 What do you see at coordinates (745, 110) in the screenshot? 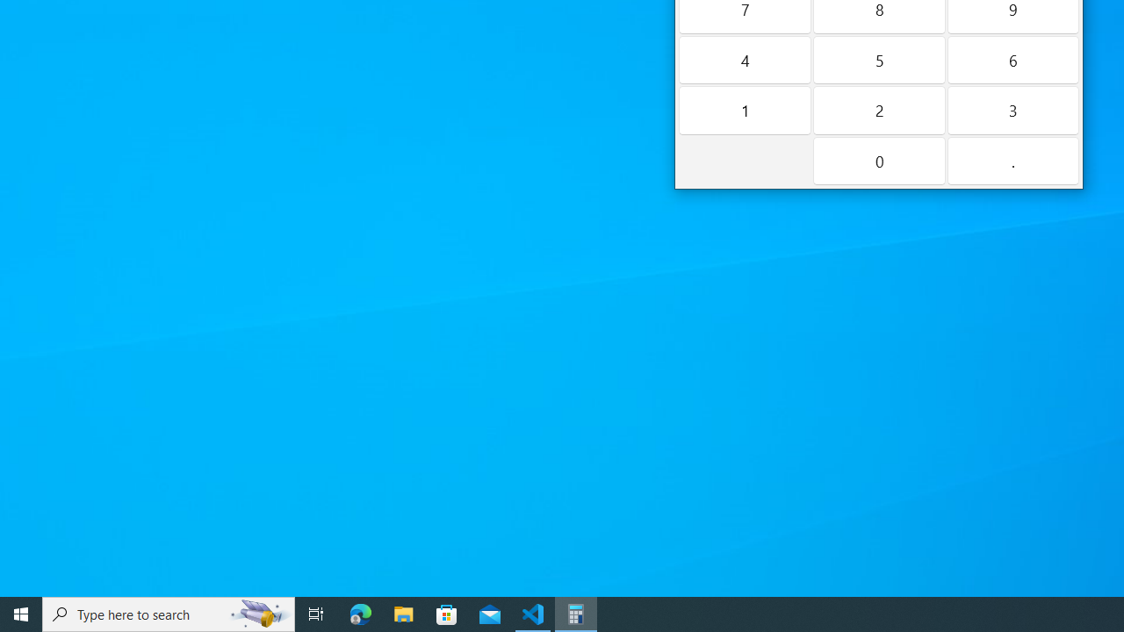
I see `'One'` at bounding box center [745, 110].